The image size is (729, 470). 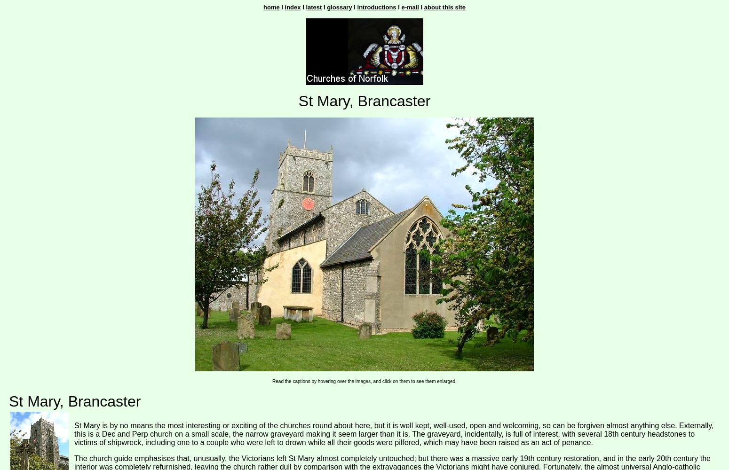 I want to click on 'index', so click(x=292, y=7).